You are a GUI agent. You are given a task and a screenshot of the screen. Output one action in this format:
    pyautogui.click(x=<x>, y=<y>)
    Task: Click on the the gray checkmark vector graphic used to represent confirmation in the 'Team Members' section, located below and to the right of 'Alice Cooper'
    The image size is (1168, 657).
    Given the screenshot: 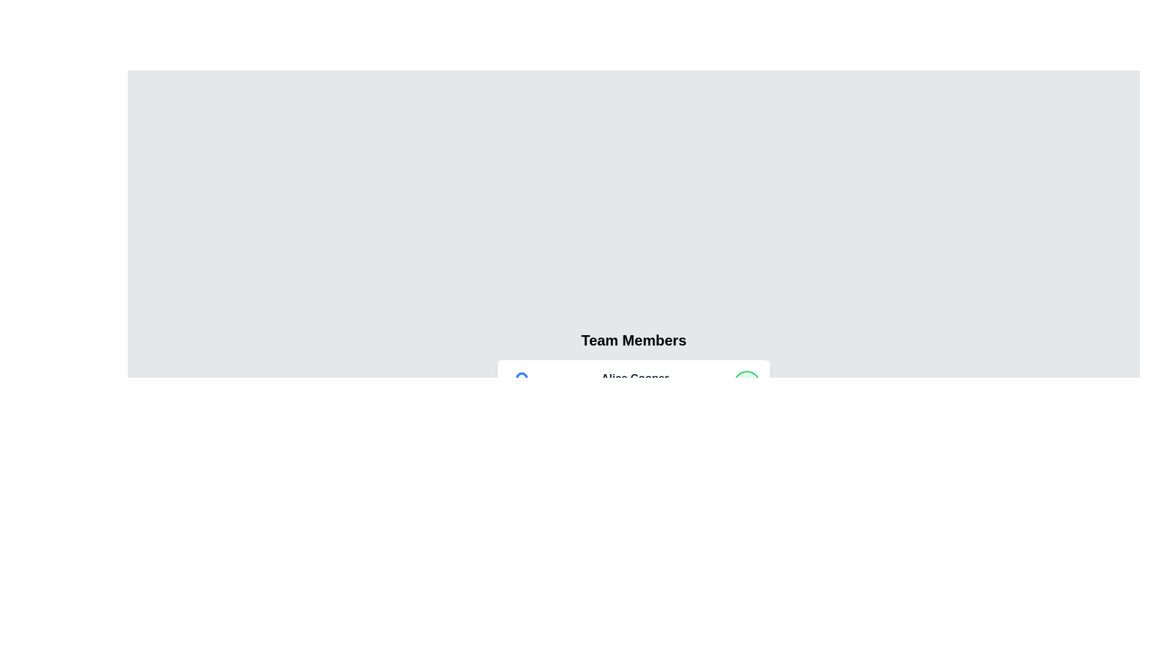 What is the action you would take?
    pyautogui.click(x=746, y=442)
    